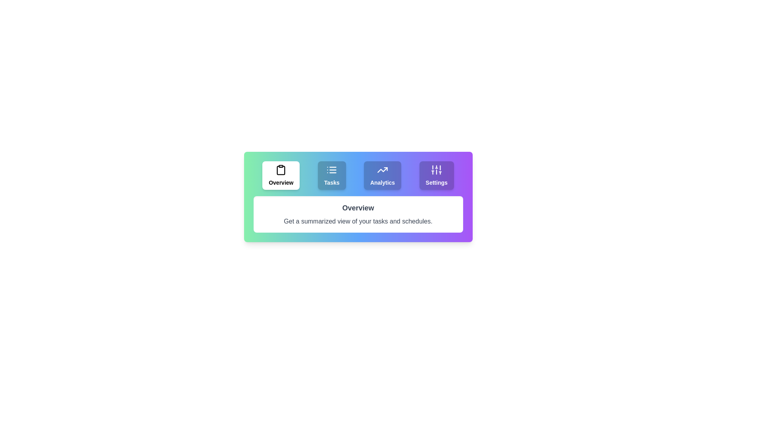 Image resolution: width=762 pixels, height=428 pixels. What do you see at coordinates (383, 175) in the screenshot?
I see `the Analytics tab to view its content` at bounding box center [383, 175].